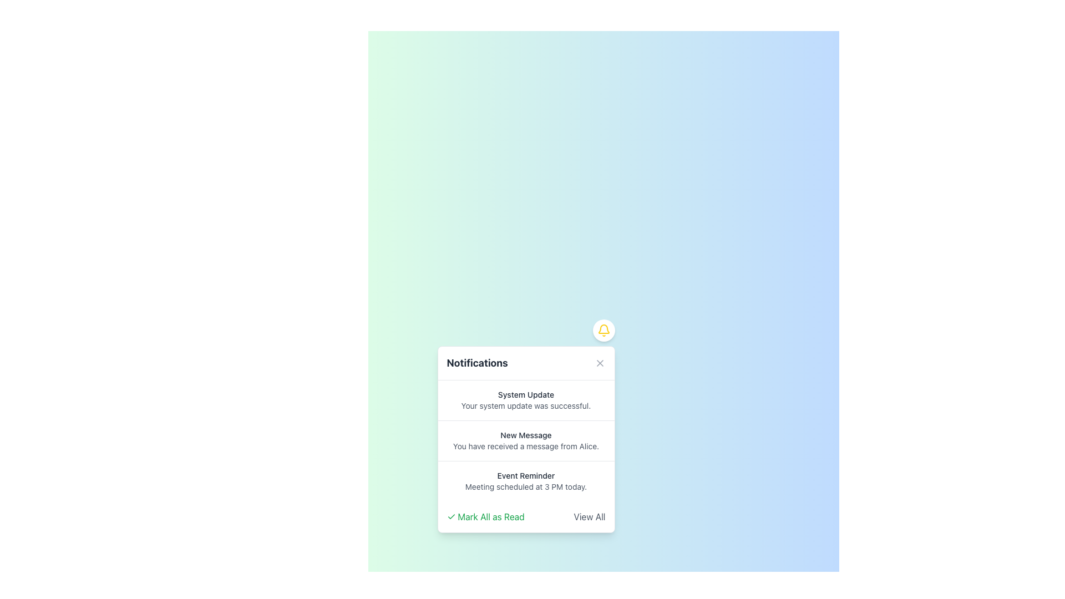  I want to click on the 'Event Reminder' text label in the Notifications section, which displays in dark gray against a light background and is vertically centered under the subtitle 'Meeting scheduled at 3 PM today.', so click(525, 475).